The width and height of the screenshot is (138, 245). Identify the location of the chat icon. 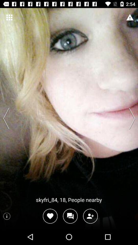
(70, 216).